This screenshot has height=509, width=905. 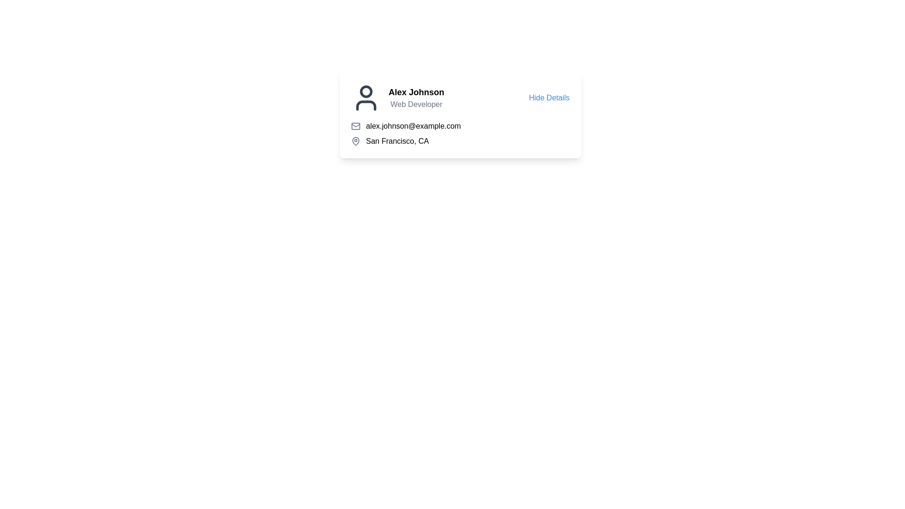 What do you see at coordinates (397, 141) in the screenshot?
I see `the text label displaying 'San Francisco, CA' located next to the location pin icon in the bottom section of the user information card for potential interaction` at bounding box center [397, 141].